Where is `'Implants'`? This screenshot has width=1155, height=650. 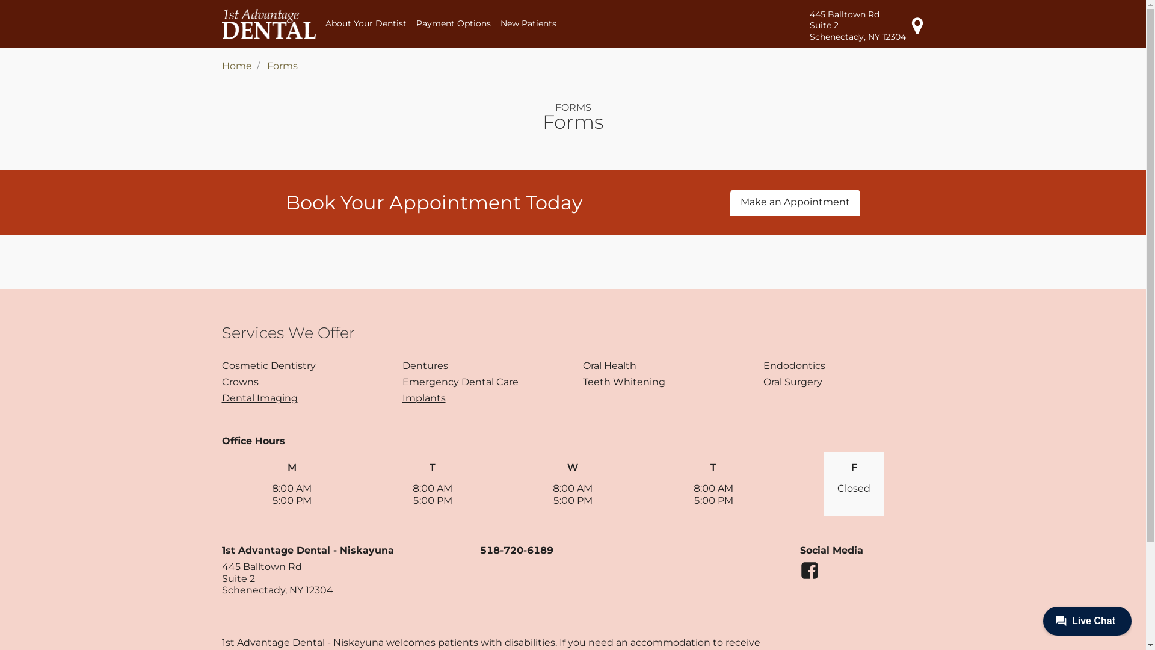
'Implants' is located at coordinates (401, 398).